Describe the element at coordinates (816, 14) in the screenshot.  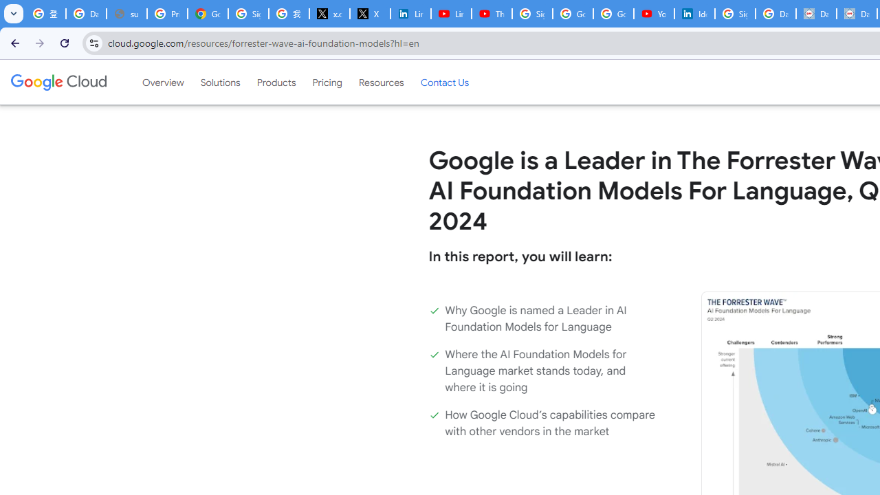
I see `'Data Privacy Framework'` at that location.